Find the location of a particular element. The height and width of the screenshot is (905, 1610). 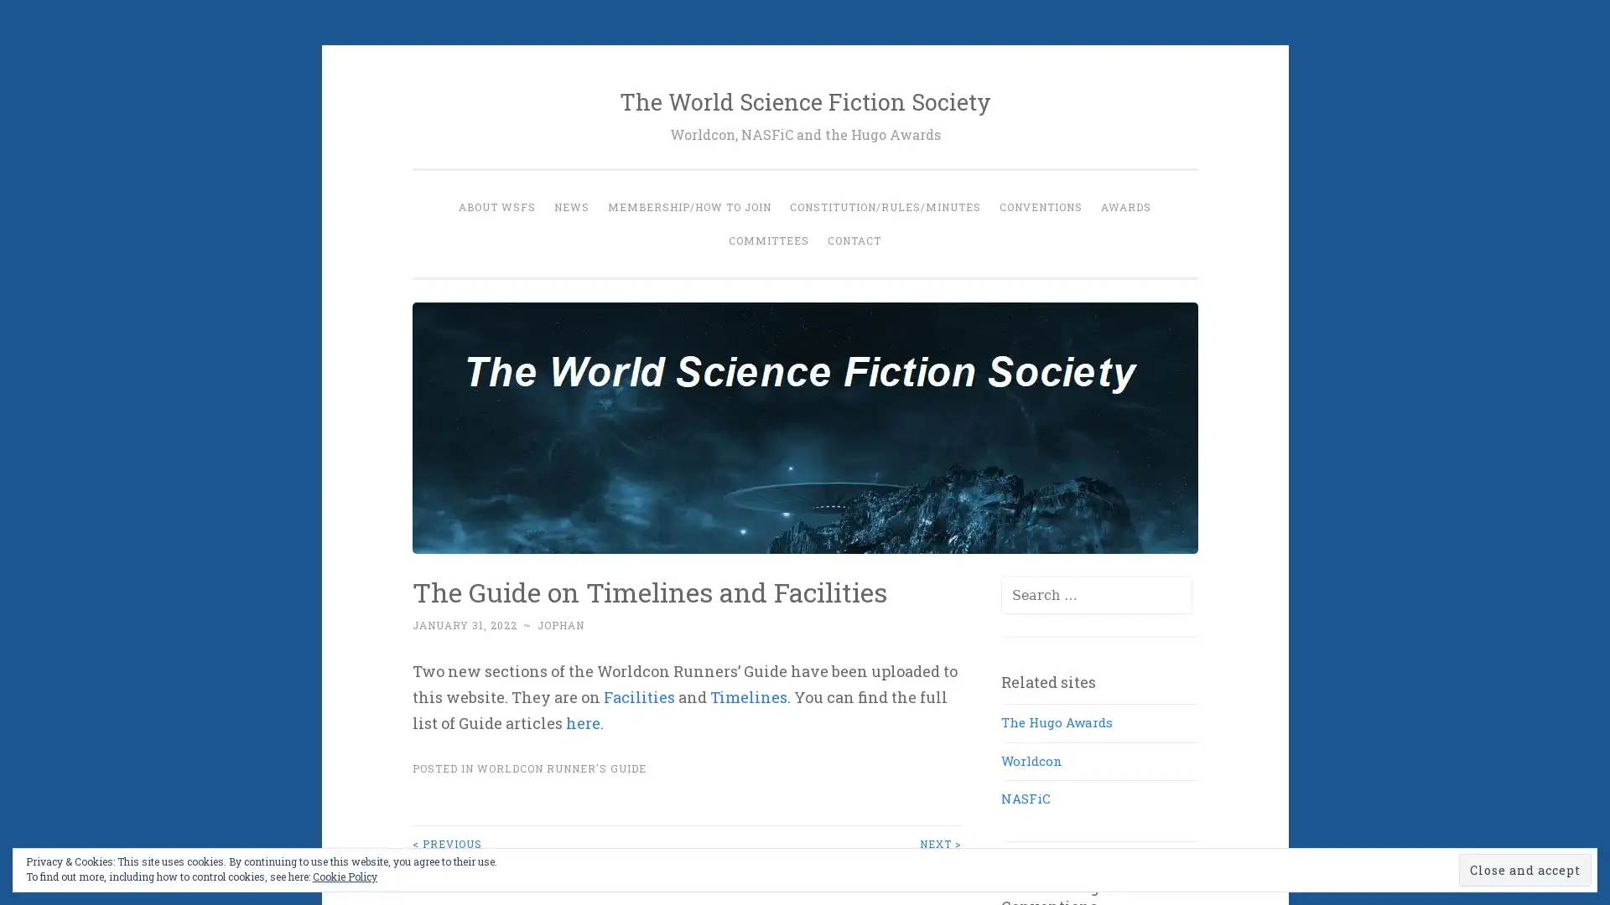

Close and accept is located at coordinates (1525, 869).